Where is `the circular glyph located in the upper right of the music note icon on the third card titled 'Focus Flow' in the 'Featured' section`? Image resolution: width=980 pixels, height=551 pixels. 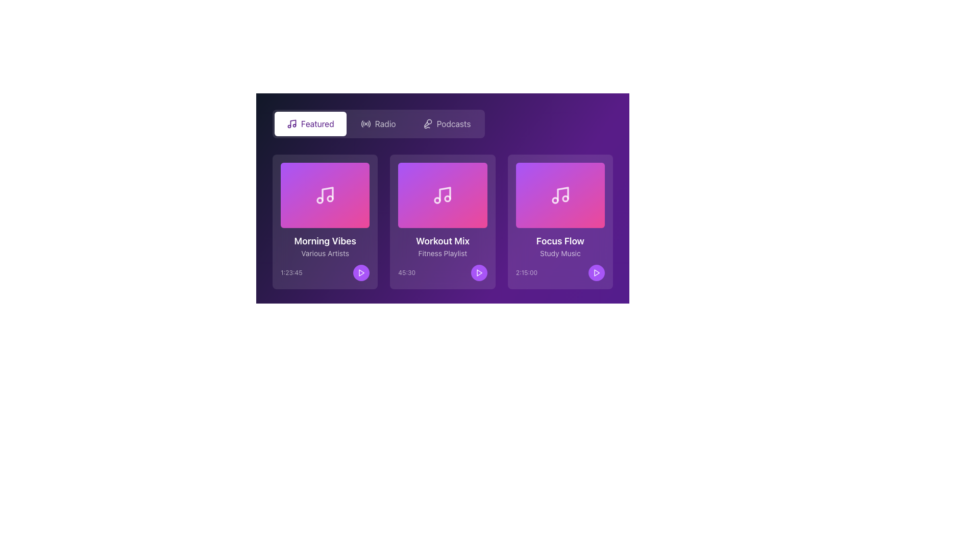
the circular glyph located in the upper right of the music note icon on the third card titled 'Focus Flow' in the 'Featured' section is located at coordinates (565, 198).